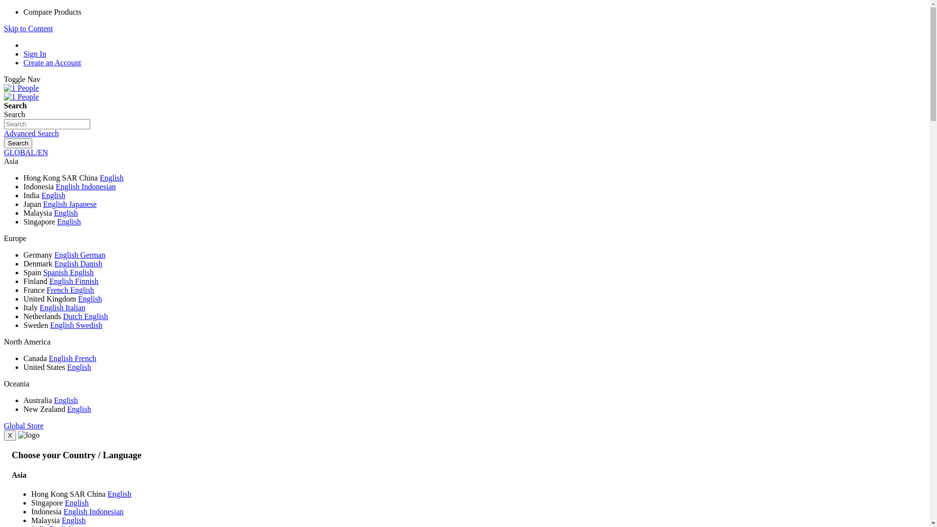 Image resolution: width=937 pixels, height=527 pixels. Describe the element at coordinates (68, 222) in the screenshot. I see `'English'` at that location.